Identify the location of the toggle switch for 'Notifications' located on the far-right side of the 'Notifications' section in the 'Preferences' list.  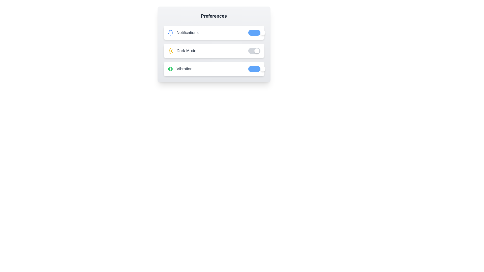
(254, 33).